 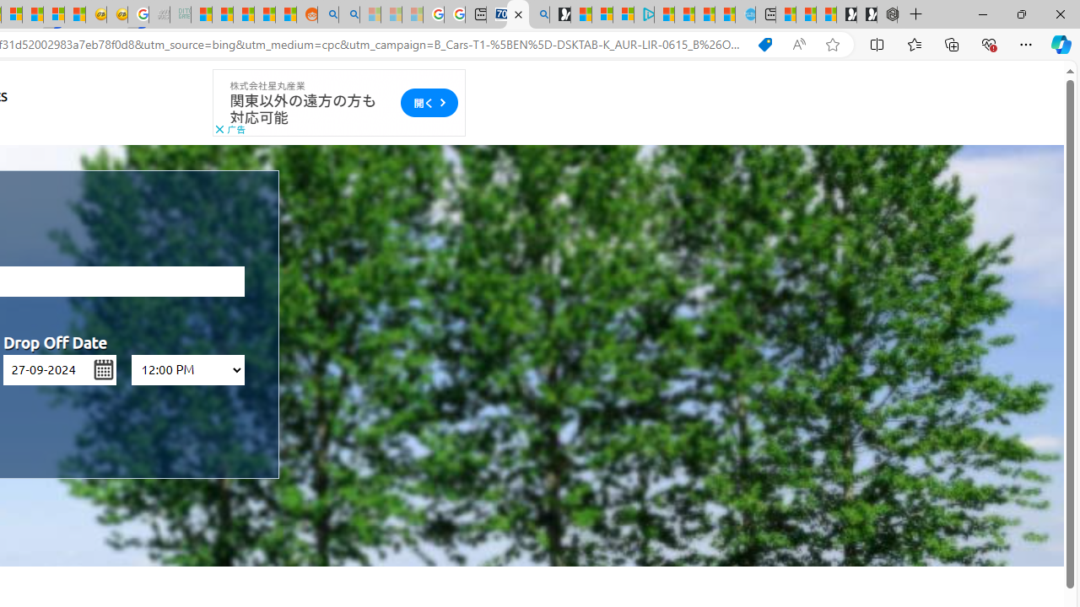 I want to click on 'MSNBC - MSN', so click(x=201, y=14).